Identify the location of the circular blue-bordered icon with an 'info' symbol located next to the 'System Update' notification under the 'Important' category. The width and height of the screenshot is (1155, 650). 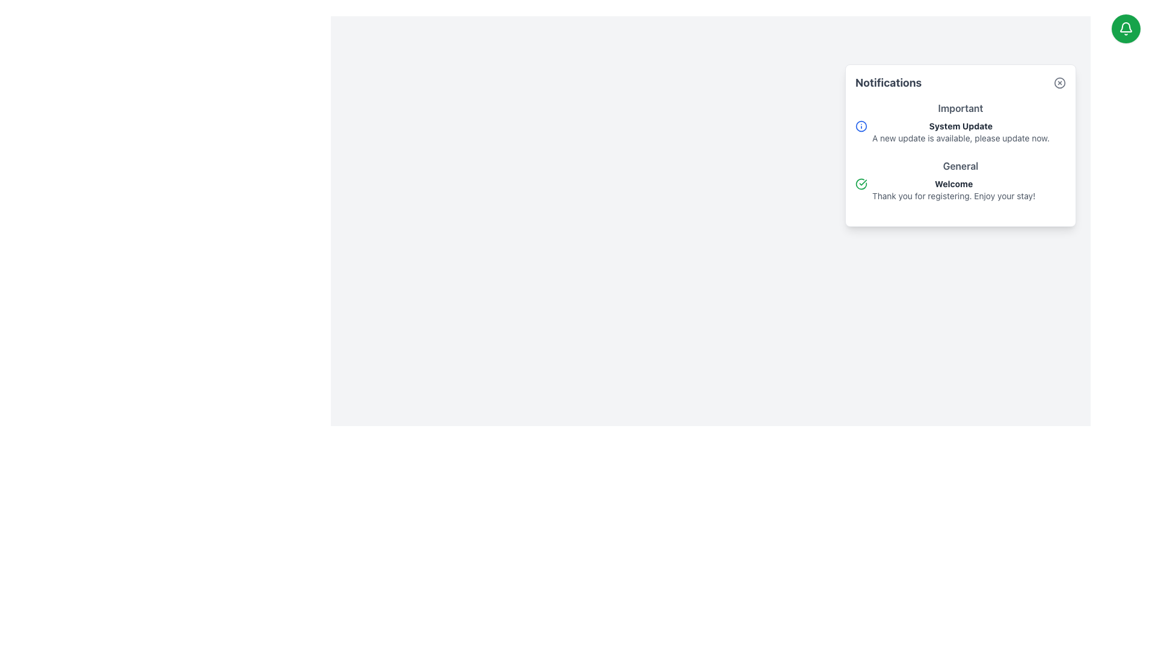
(860, 126).